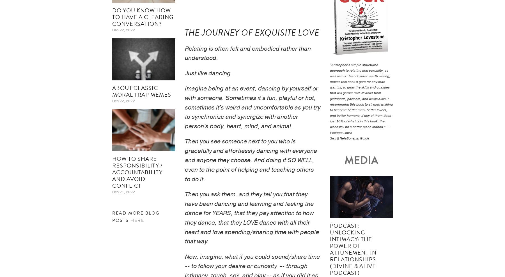  What do you see at coordinates (208, 73) in the screenshot?
I see `'Just like dancing.'` at bounding box center [208, 73].